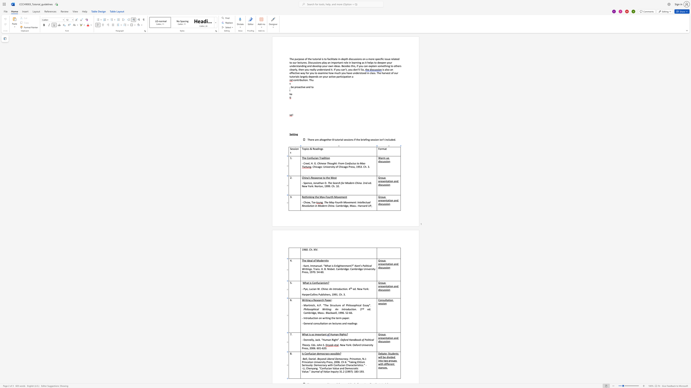 The image size is (691, 388). Describe the element at coordinates (338, 359) in the screenshot. I see `the space between the continuous character "e" and "m" in the text` at that location.